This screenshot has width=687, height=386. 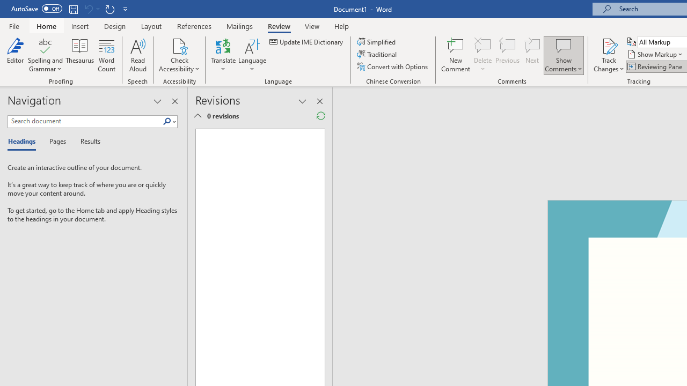 I want to click on 'Show Comments', so click(x=563, y=55).